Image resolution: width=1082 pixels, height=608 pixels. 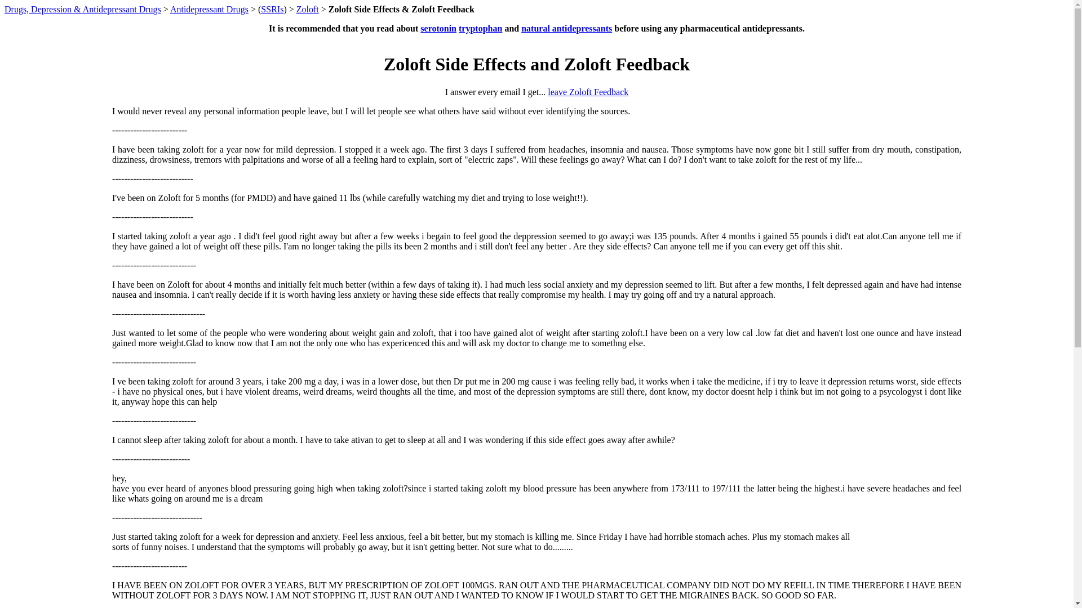 I want to click on 'leave Zoloft Feedback', so click(x=587, y=91).